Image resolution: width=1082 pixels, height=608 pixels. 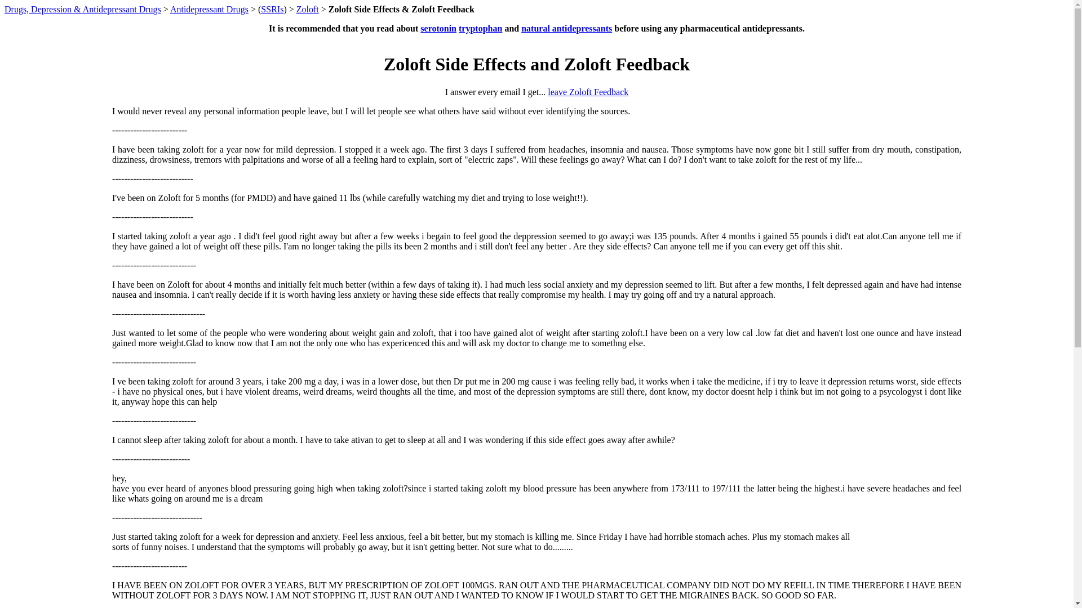 I want to click on 'leave Zoloft Feedback', so click(x=587, y=91).